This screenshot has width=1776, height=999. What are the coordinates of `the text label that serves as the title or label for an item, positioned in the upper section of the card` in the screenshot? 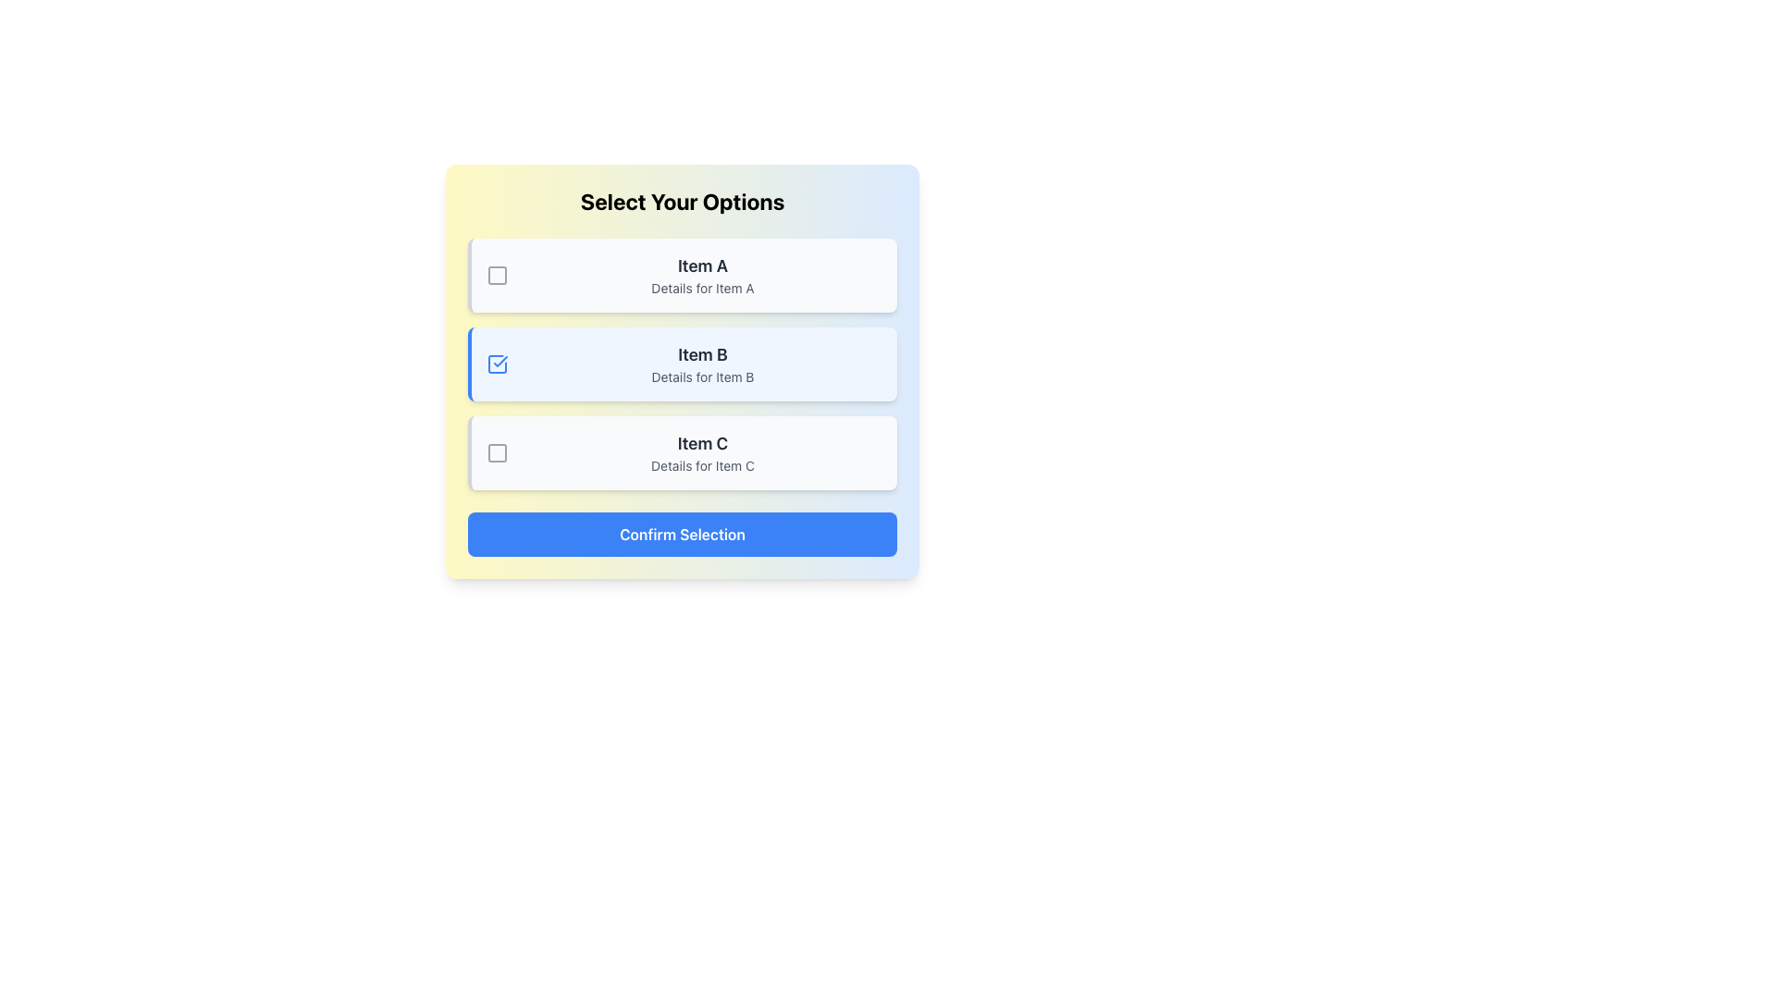 It's located at (701, 266).